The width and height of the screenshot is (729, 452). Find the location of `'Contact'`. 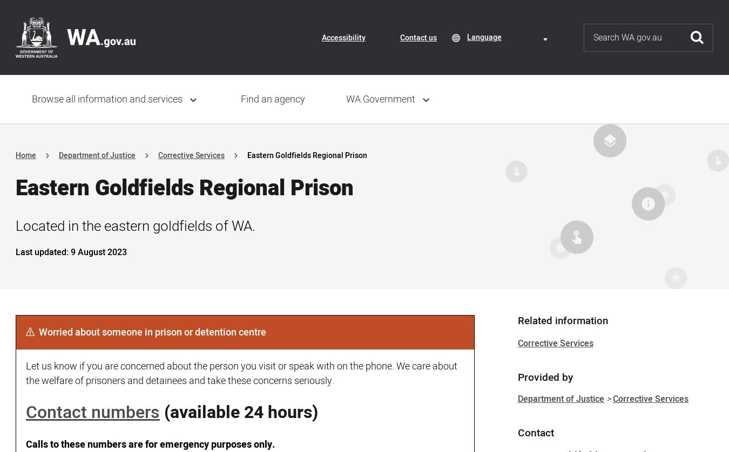

'Contact' is located at coordinates (517, 432).